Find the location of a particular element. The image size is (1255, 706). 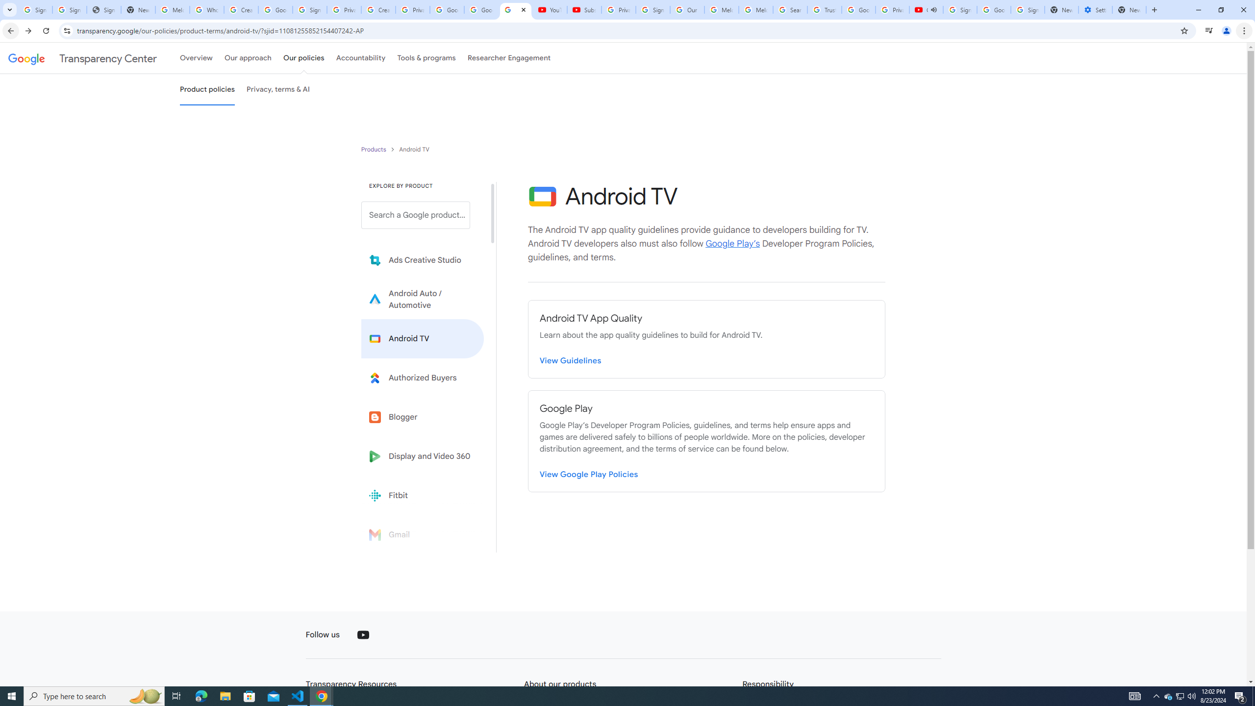

'Learn more about Android Auto' is located at coordinates (422, 299).